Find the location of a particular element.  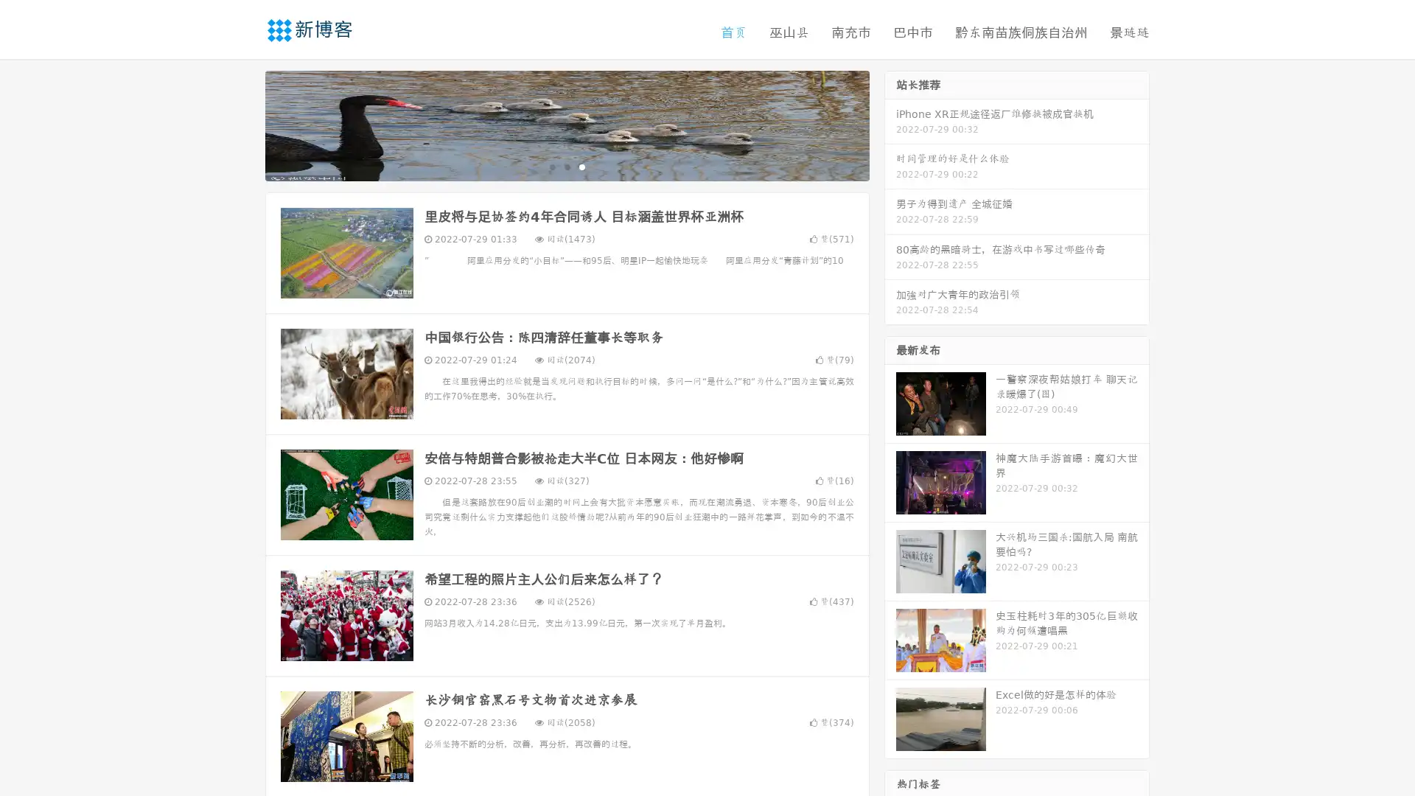

Go to slide 2 is located at coordinates (566, 166).